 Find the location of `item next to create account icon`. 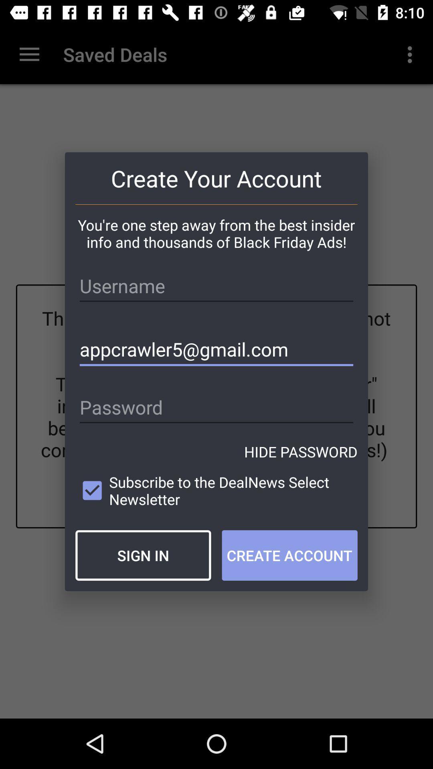

item next to create account icon is located at coordinates (143, 555).